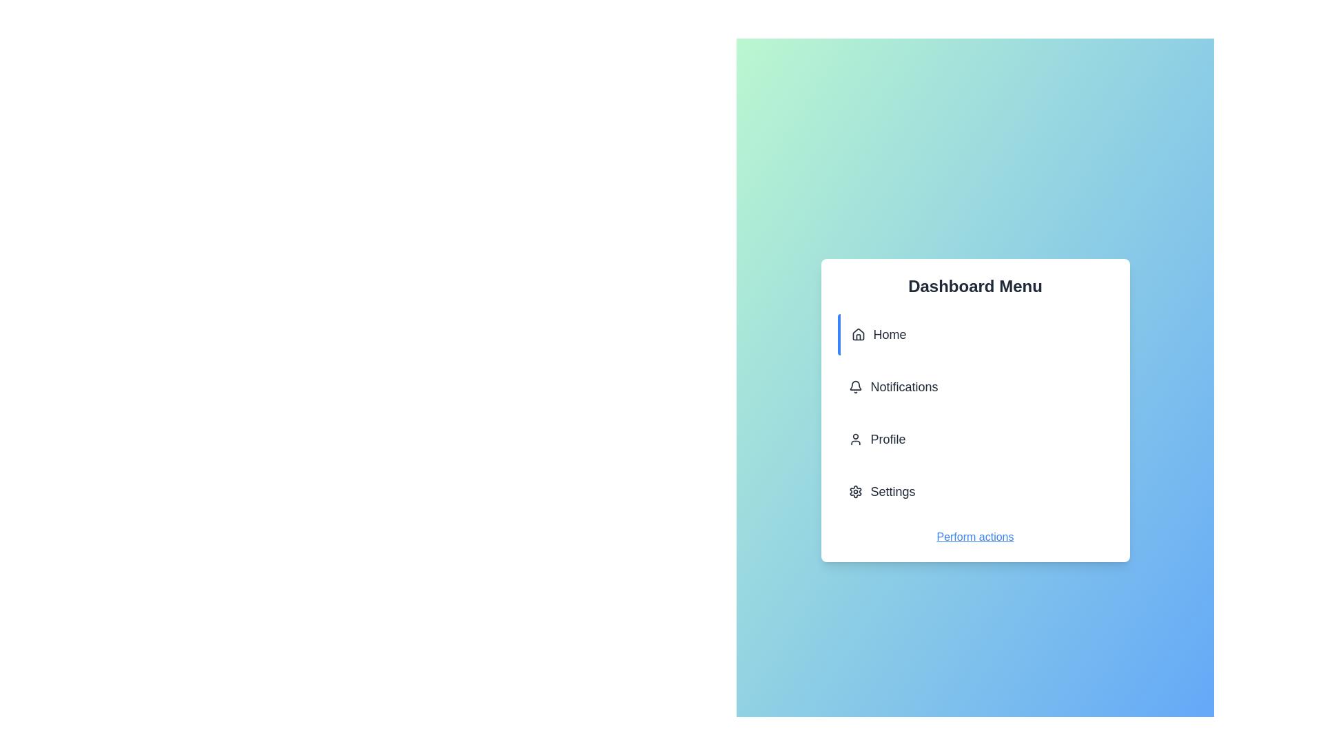  What do you see at coordinates (974, 536) in the screenshot?
I see `the 'Perform actions' link at the bottom of the menu` at bounding box center [974, 536].